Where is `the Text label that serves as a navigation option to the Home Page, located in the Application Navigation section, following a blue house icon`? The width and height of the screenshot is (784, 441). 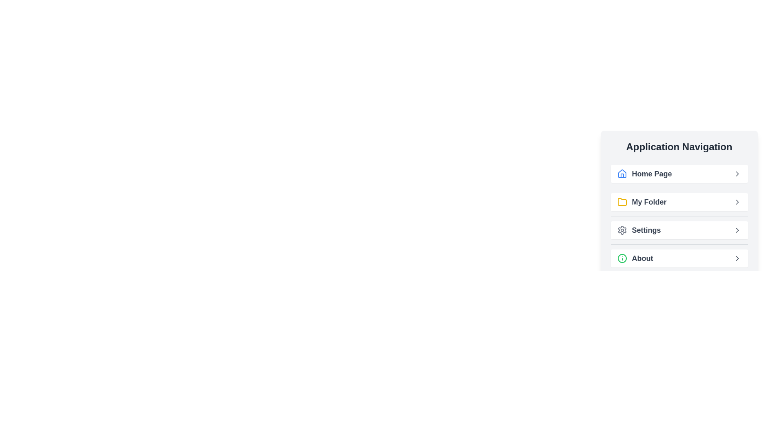 the Text label that serves as a navigation option to the Home Page, located in the Application Navigation section, following a blue house icon is located at coordinates (651, 173).